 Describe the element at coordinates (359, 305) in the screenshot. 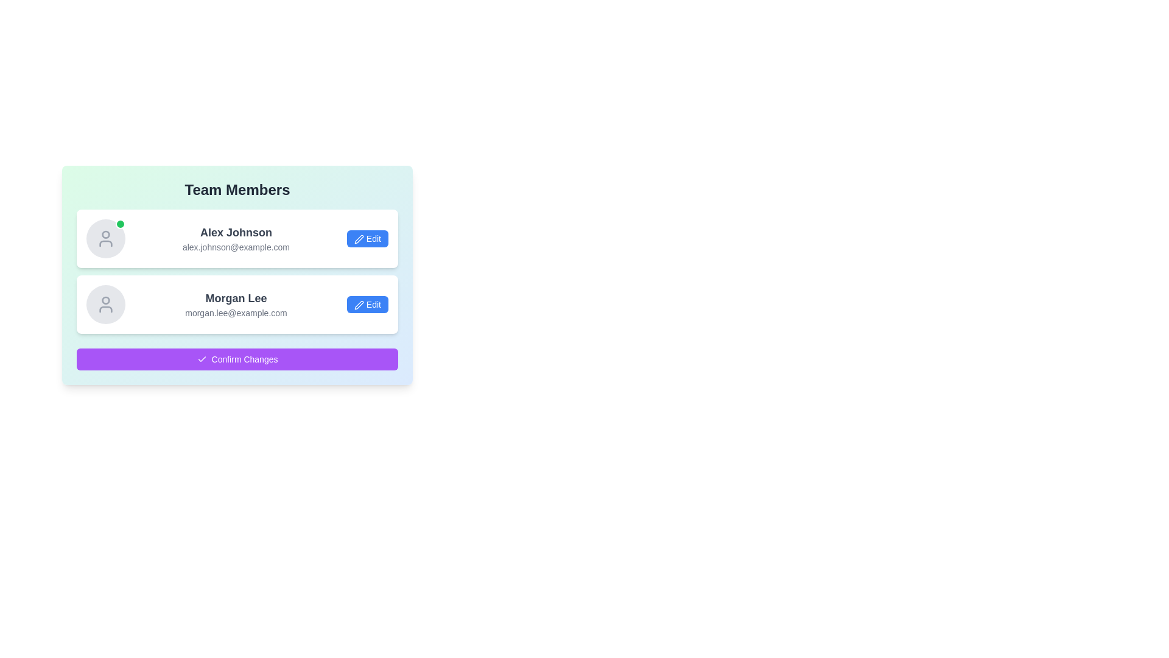

I see `the edit icon located within the blue edit button adjacent to the 'Morgan Lee' list item in the 'Team Members' interface` at that location.